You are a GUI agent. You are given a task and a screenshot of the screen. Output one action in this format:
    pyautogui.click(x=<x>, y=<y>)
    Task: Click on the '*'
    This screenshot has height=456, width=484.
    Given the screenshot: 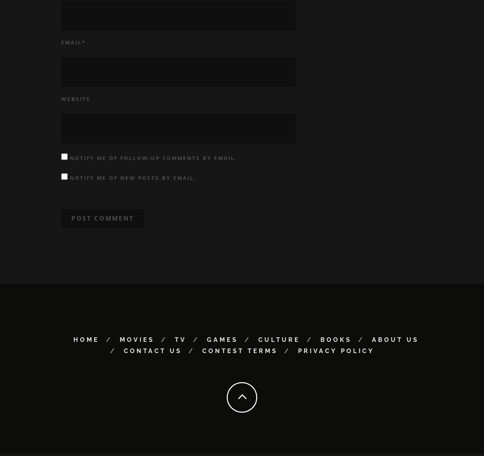 What is the action you would take?
    pyautogui.click(x=82, y=44)
    